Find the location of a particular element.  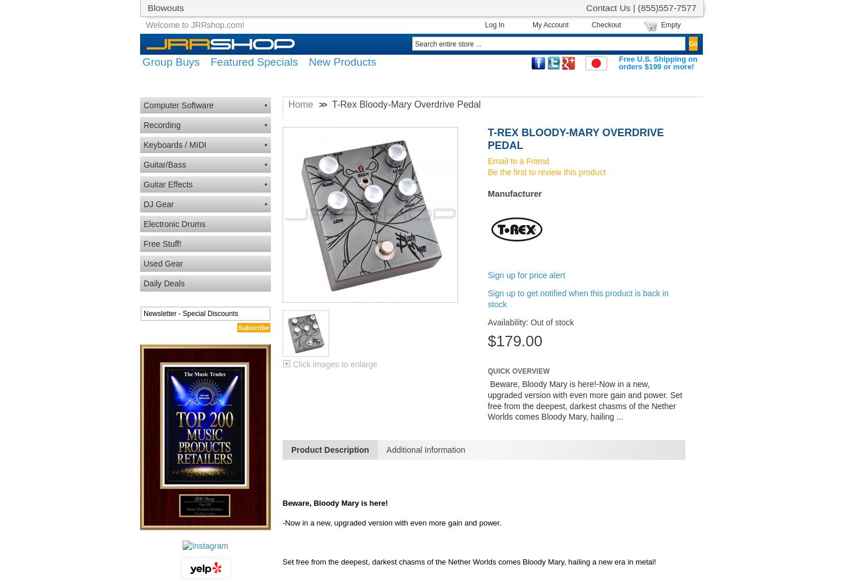

'Additional Information' is located at coordinates (385, 450).